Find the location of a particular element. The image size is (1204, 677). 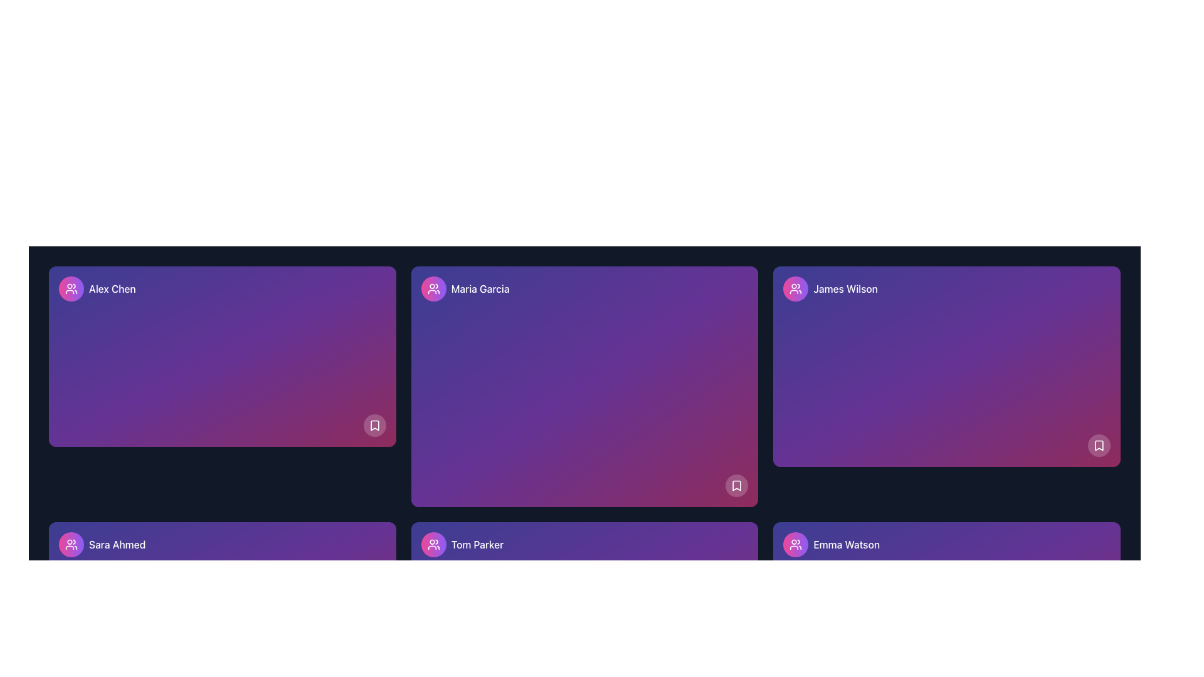

the circular icon that transitions from pink to violet, featuring a white user group icon, located at the top-left corner of the 'Tom Parker' card is located at coordinates (433, 543).